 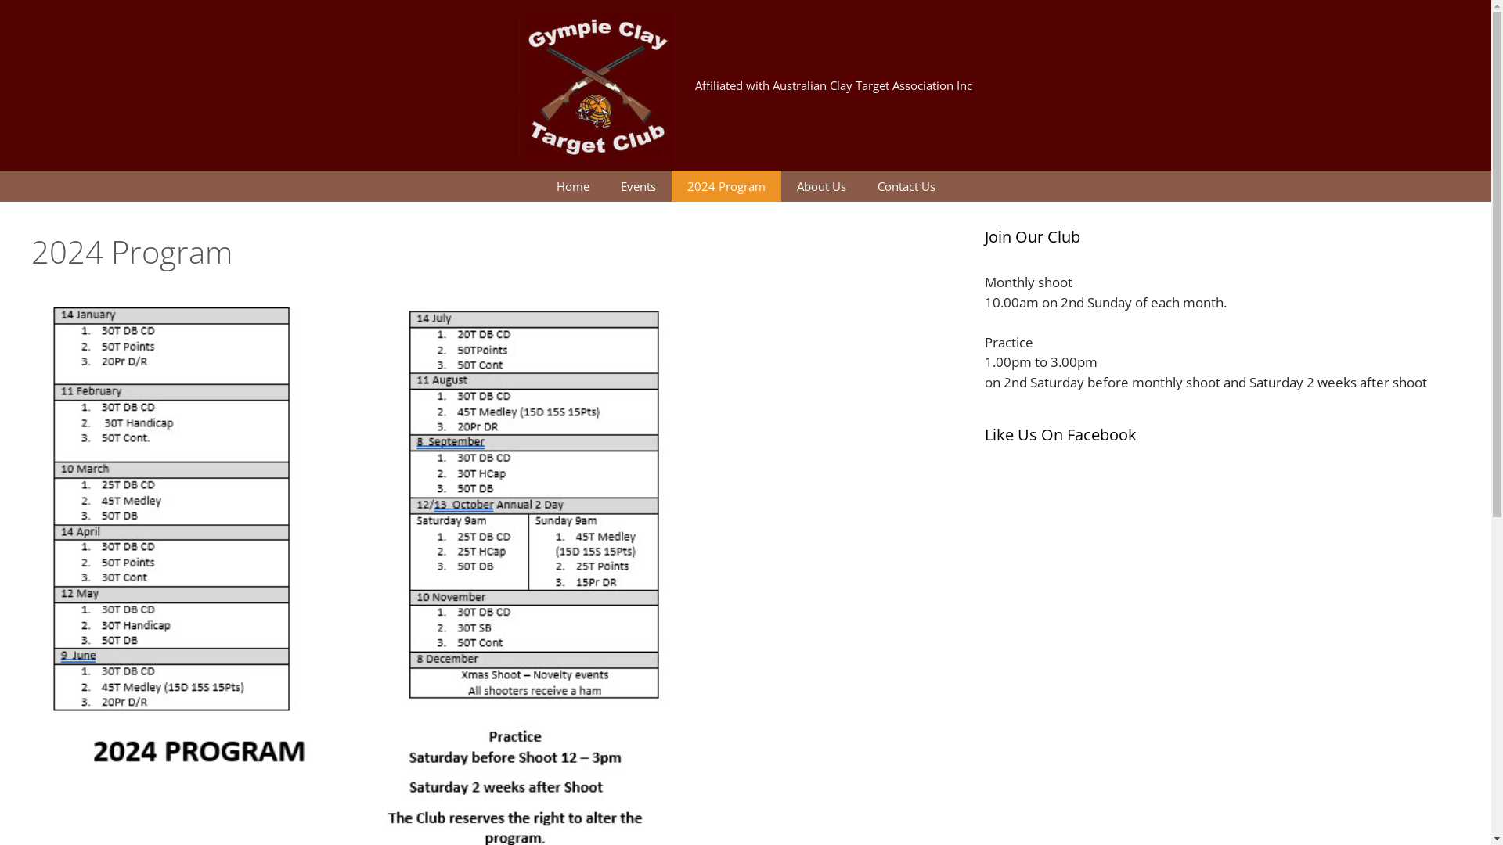 I want to click on 'Home', so click(x=571, y=185).